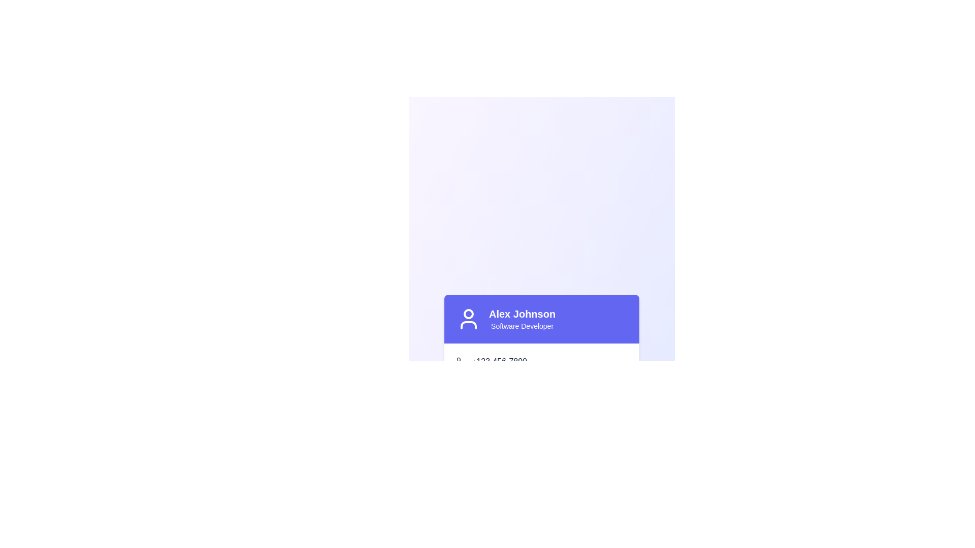 This screenshot has width=975, height=548. I want to click on the text label displaying the user's phone number, which is located to the right of a phone icon and below the user's name and role, so click(499, 361).